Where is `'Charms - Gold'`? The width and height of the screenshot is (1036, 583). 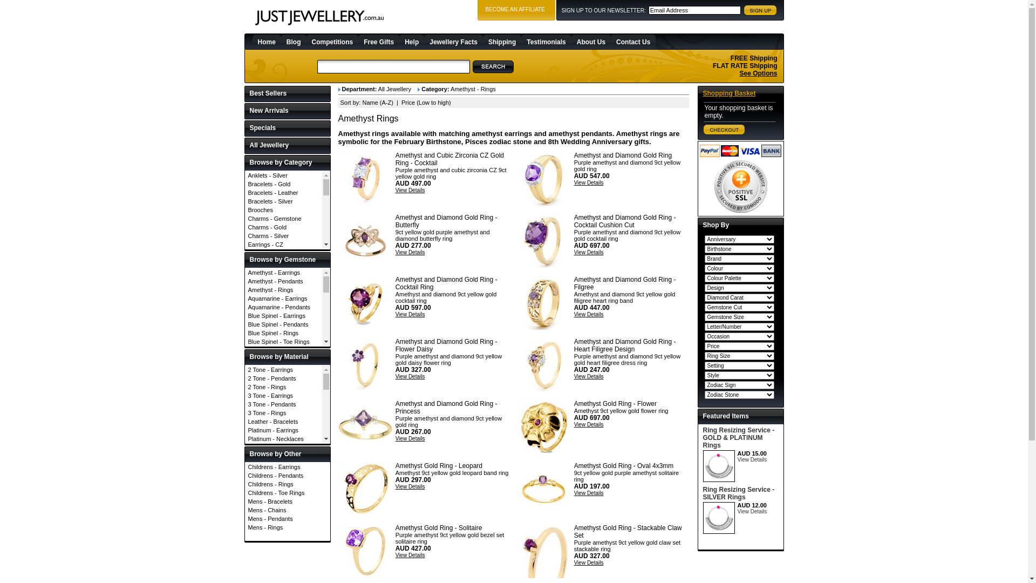
'Charms - Gold' is located at coordinates (283, 226).